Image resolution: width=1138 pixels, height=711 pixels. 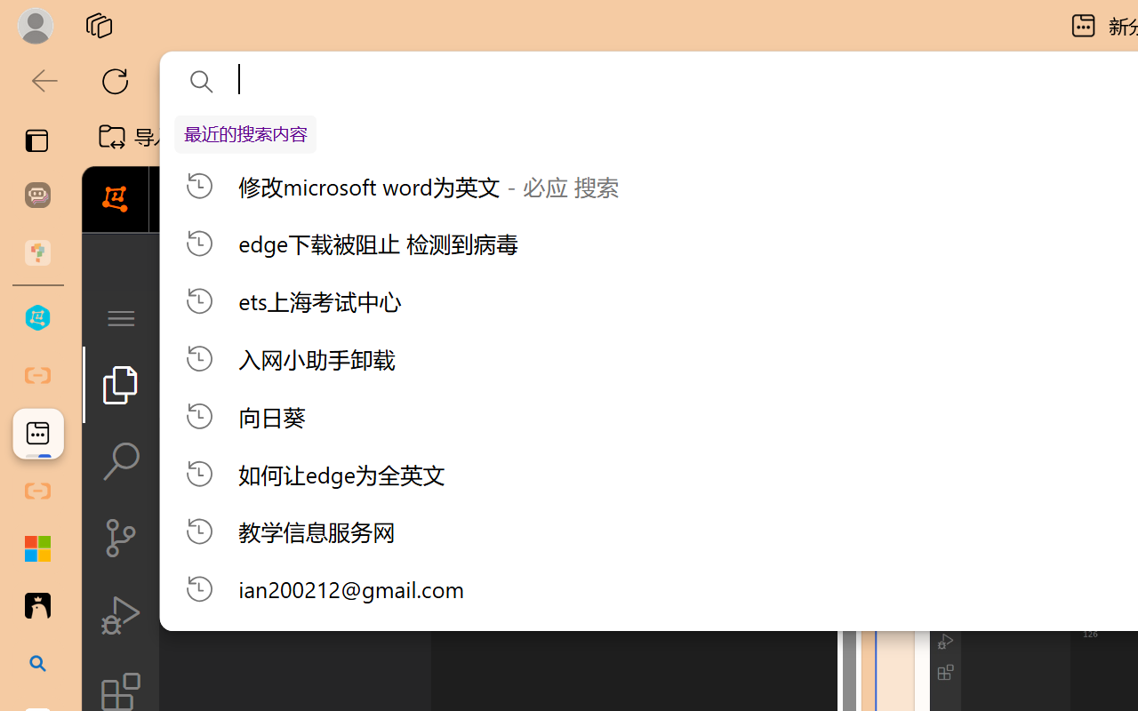 I want to click on 'Adjust indents and spacing - Microsoft Support', so click(x=37, y=548).